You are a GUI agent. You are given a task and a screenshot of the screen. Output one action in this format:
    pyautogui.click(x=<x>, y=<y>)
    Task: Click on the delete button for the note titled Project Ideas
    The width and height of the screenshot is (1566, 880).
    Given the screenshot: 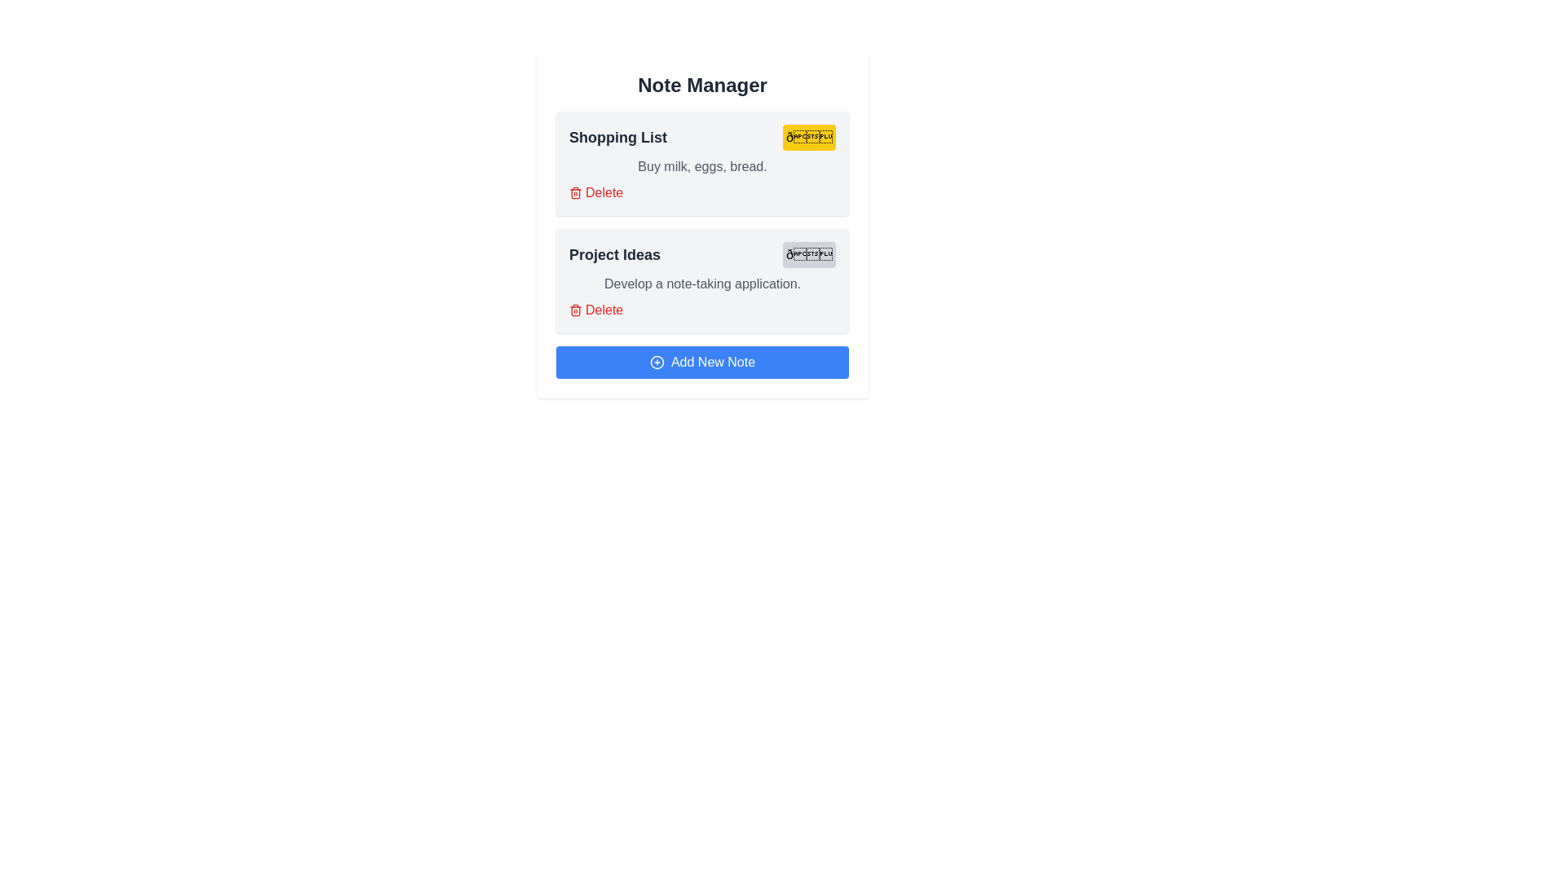 What is the action you would take?
    pyautogui.click(x=595, y=310)
    